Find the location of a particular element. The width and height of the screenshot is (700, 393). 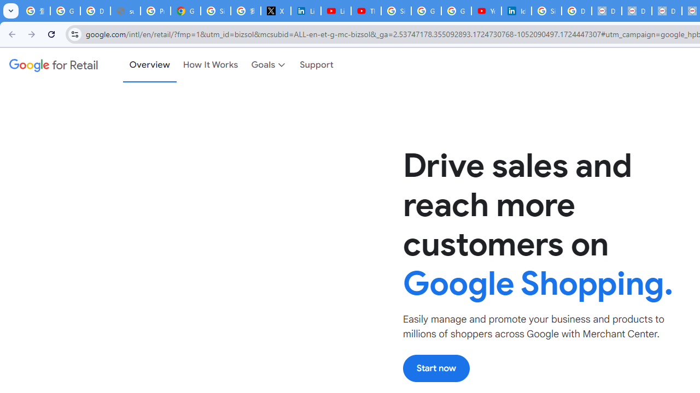

'Support' is located at coordinates (316, 65).